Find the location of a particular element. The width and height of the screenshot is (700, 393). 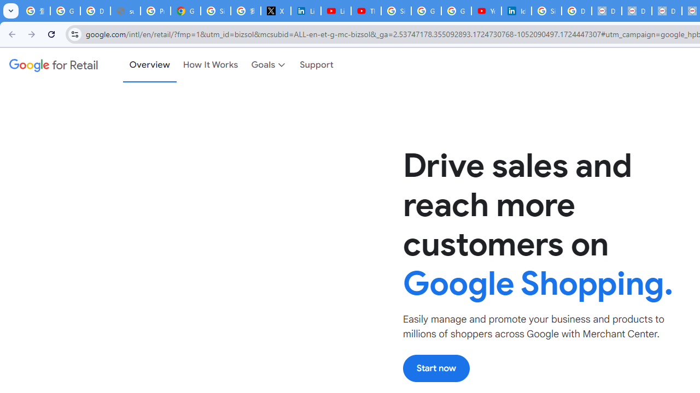

'Support' is located at coordinates (316, 65).